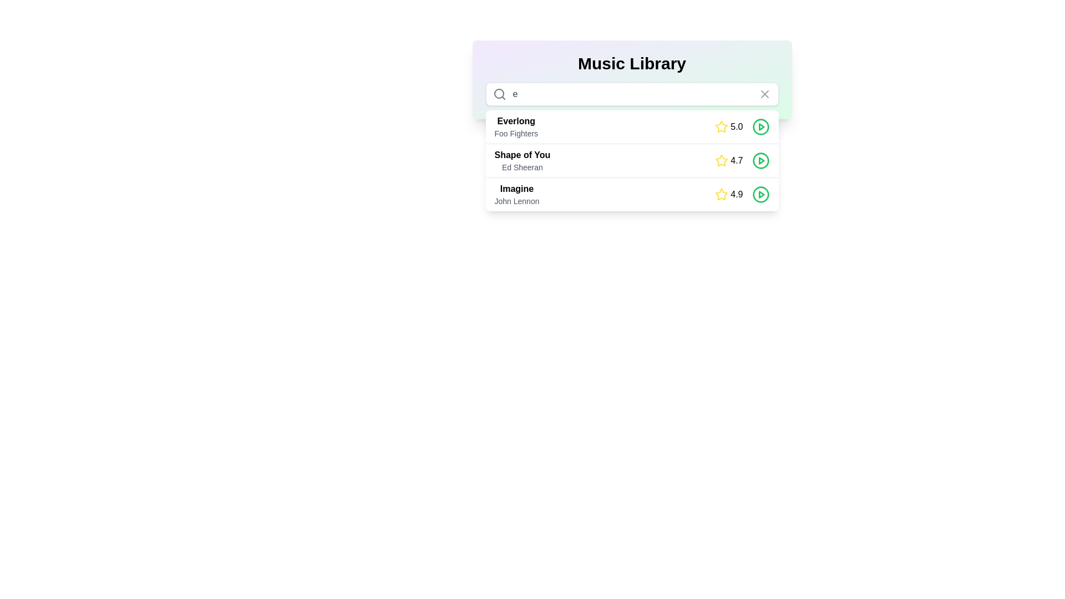 This screenshot has height=599, width=1065. Describe the element at coordinates (721, 160) in the screenshot. I see `the yellow star-shaped icon used for rating, located next to the rating text '4.7' in the music library interface` at that location.